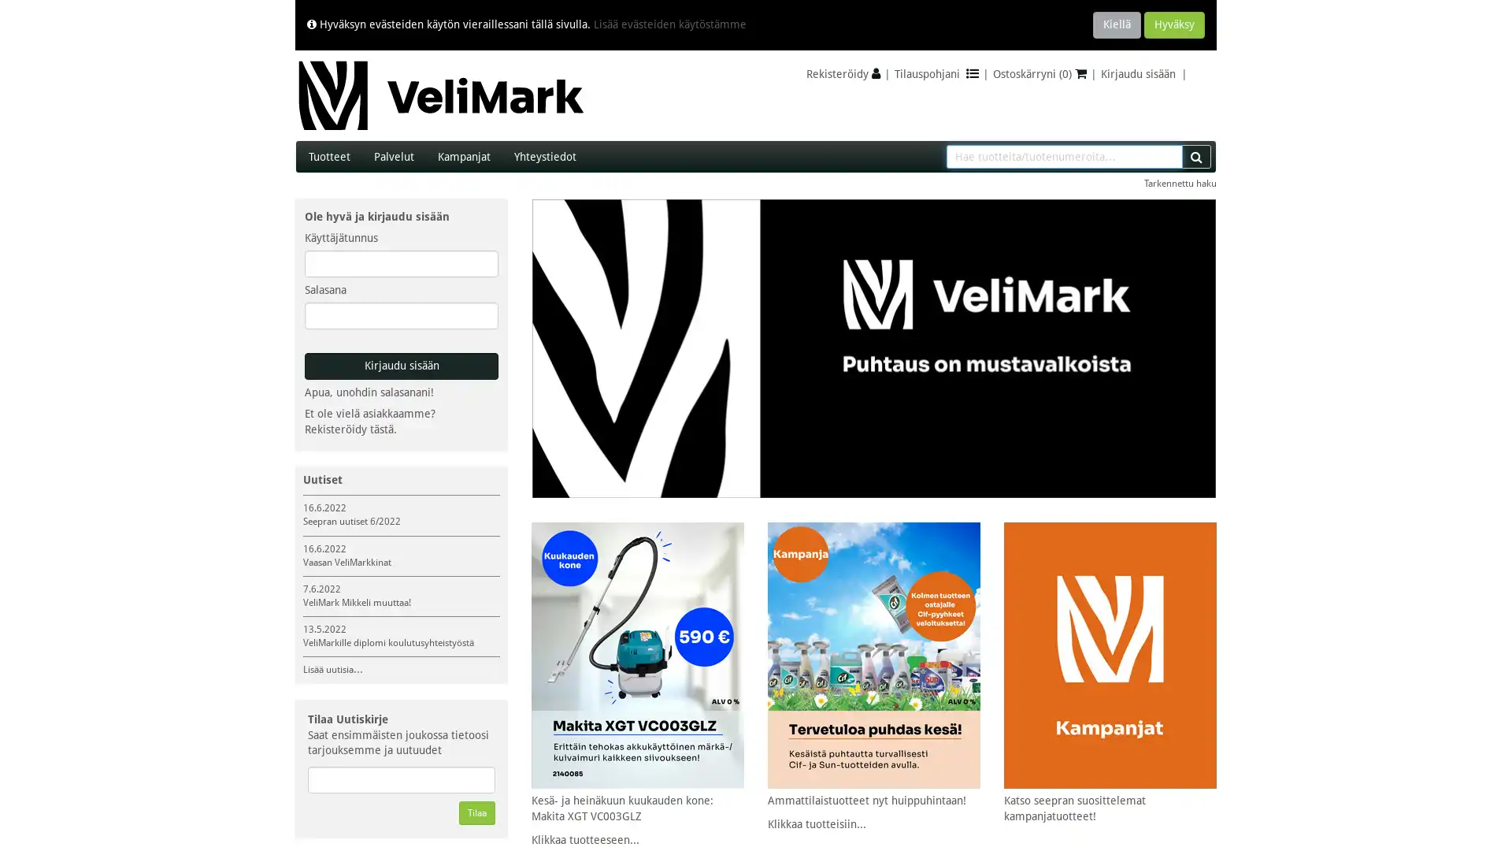  Describe the element at coordinates (401, 366) in the screenshot. I see `Kirjaudu sisaan` at that location.